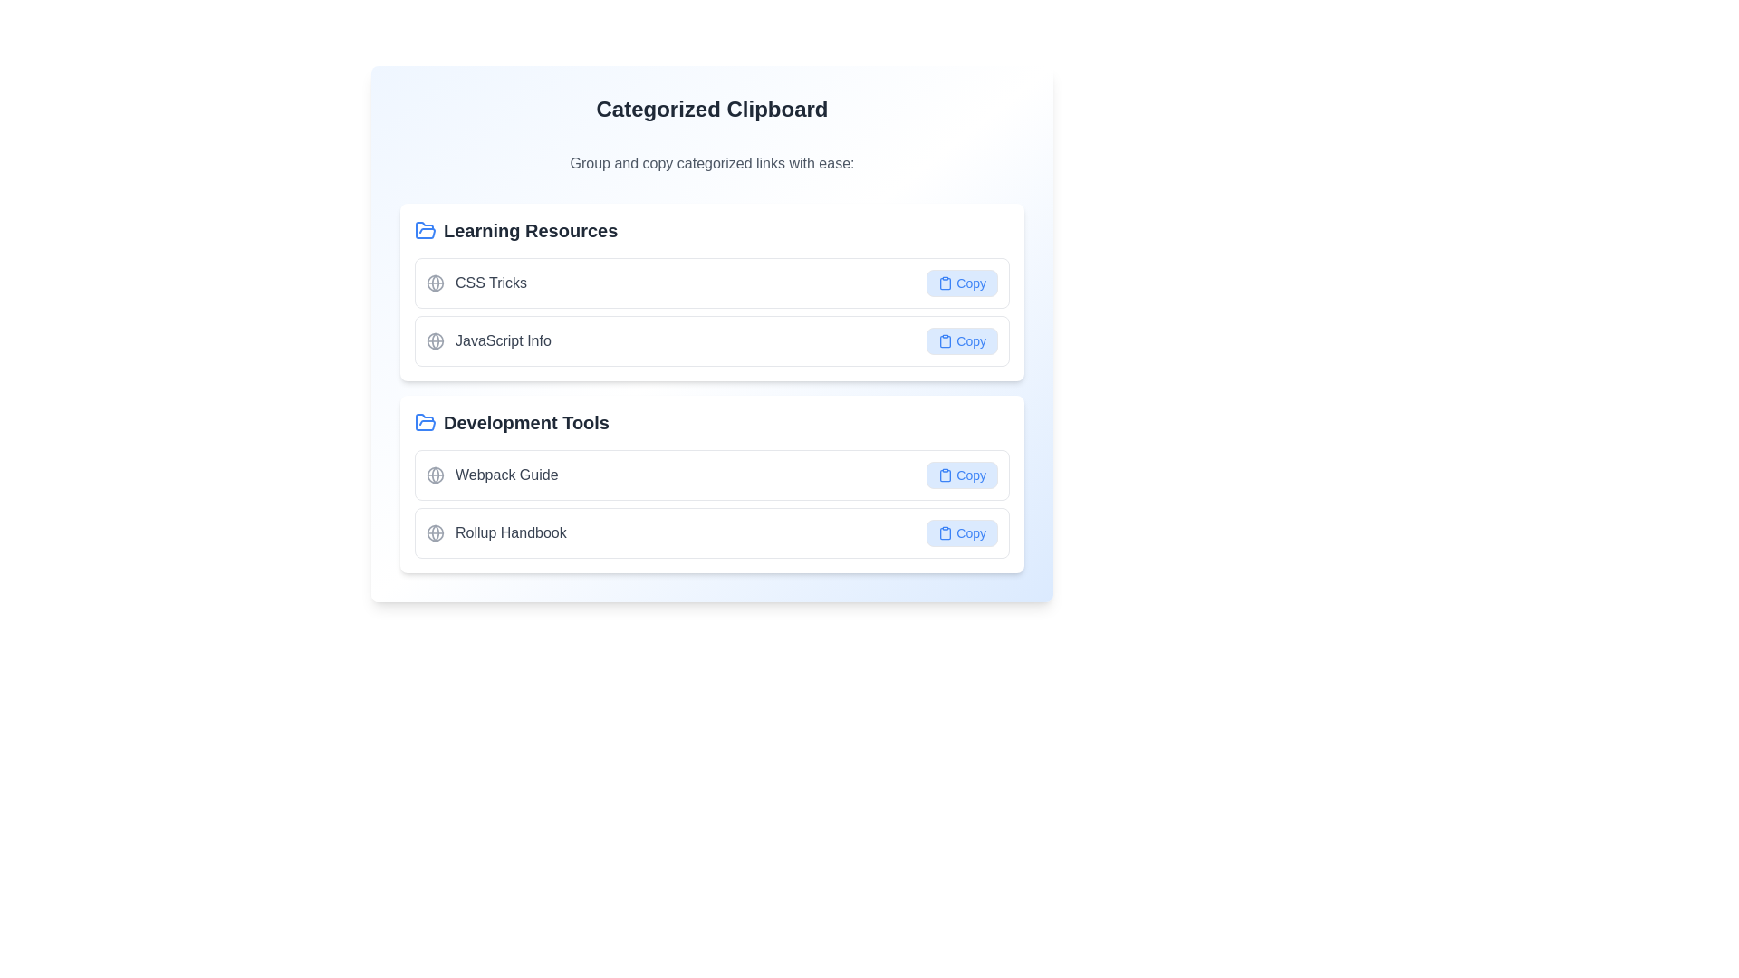 The image size is (1739, 978). What do you see at coordinates (425, 422) in the screenshot?
I see `the graphical icon part representing the 'Development Tools' category within the 'Categorized Clipboard' section` at bounding box center [425, 422].